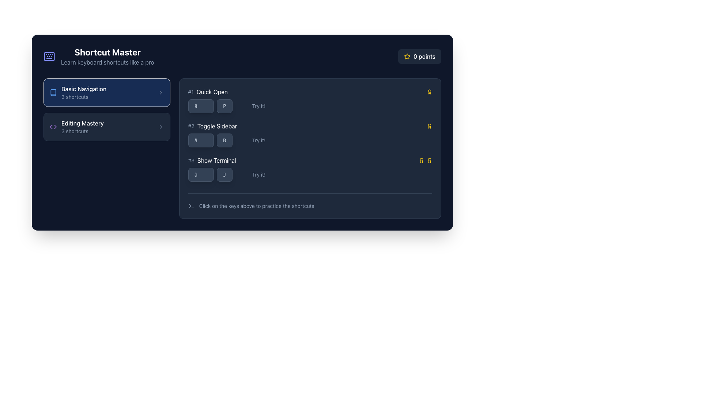 The image size is (702, 394). I want to click on the second button with a dark slate-blue background containing the 'J' character, so click(224, 174).